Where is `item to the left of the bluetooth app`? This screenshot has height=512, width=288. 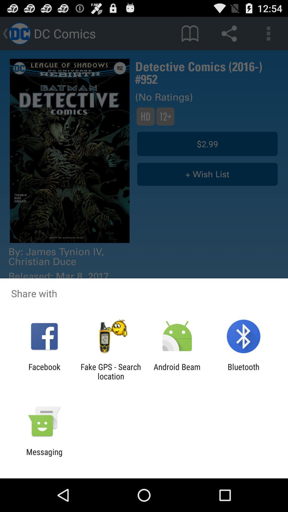
item to the left of the bluetooth app is located at coordinates (177, 371).